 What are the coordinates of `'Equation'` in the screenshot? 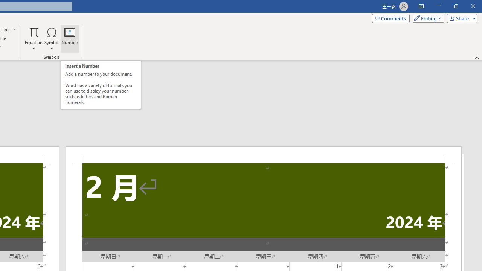 It's located at (34, 39).